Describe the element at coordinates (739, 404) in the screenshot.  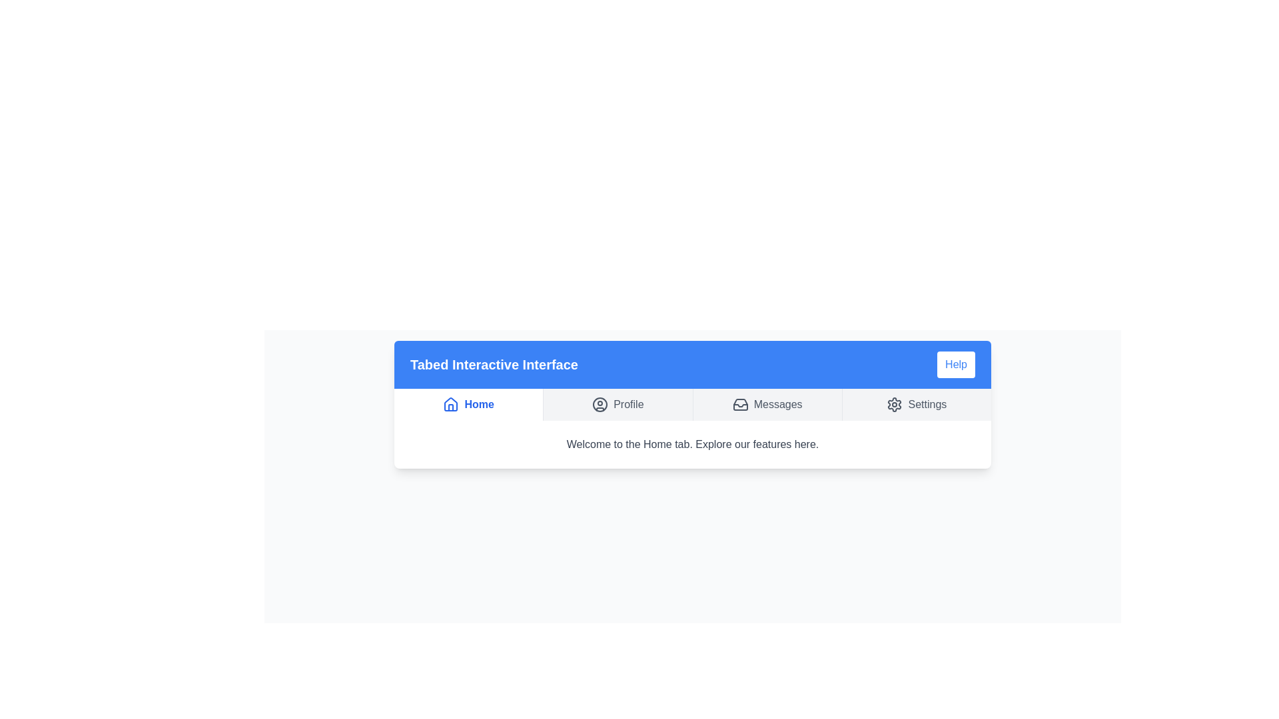
I see `the 'Messages' icon button in the navigation bar` at that location.